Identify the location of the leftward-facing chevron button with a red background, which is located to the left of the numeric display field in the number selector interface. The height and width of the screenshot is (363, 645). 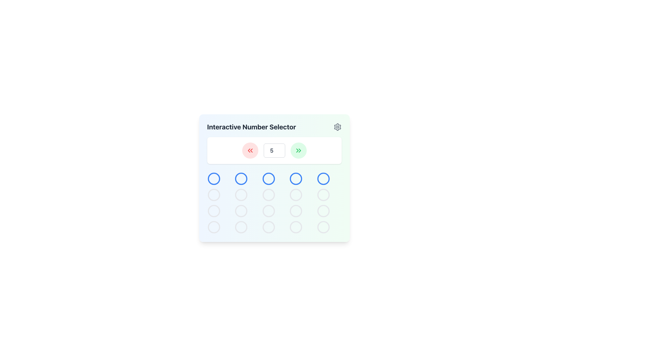
(248, 150).